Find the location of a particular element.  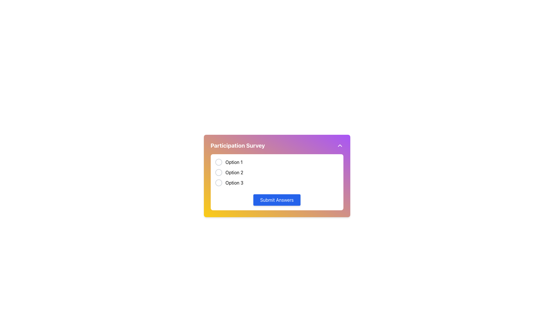

the first radio button option in the 'Participation Survey' section is located at coordinates (277, 162).